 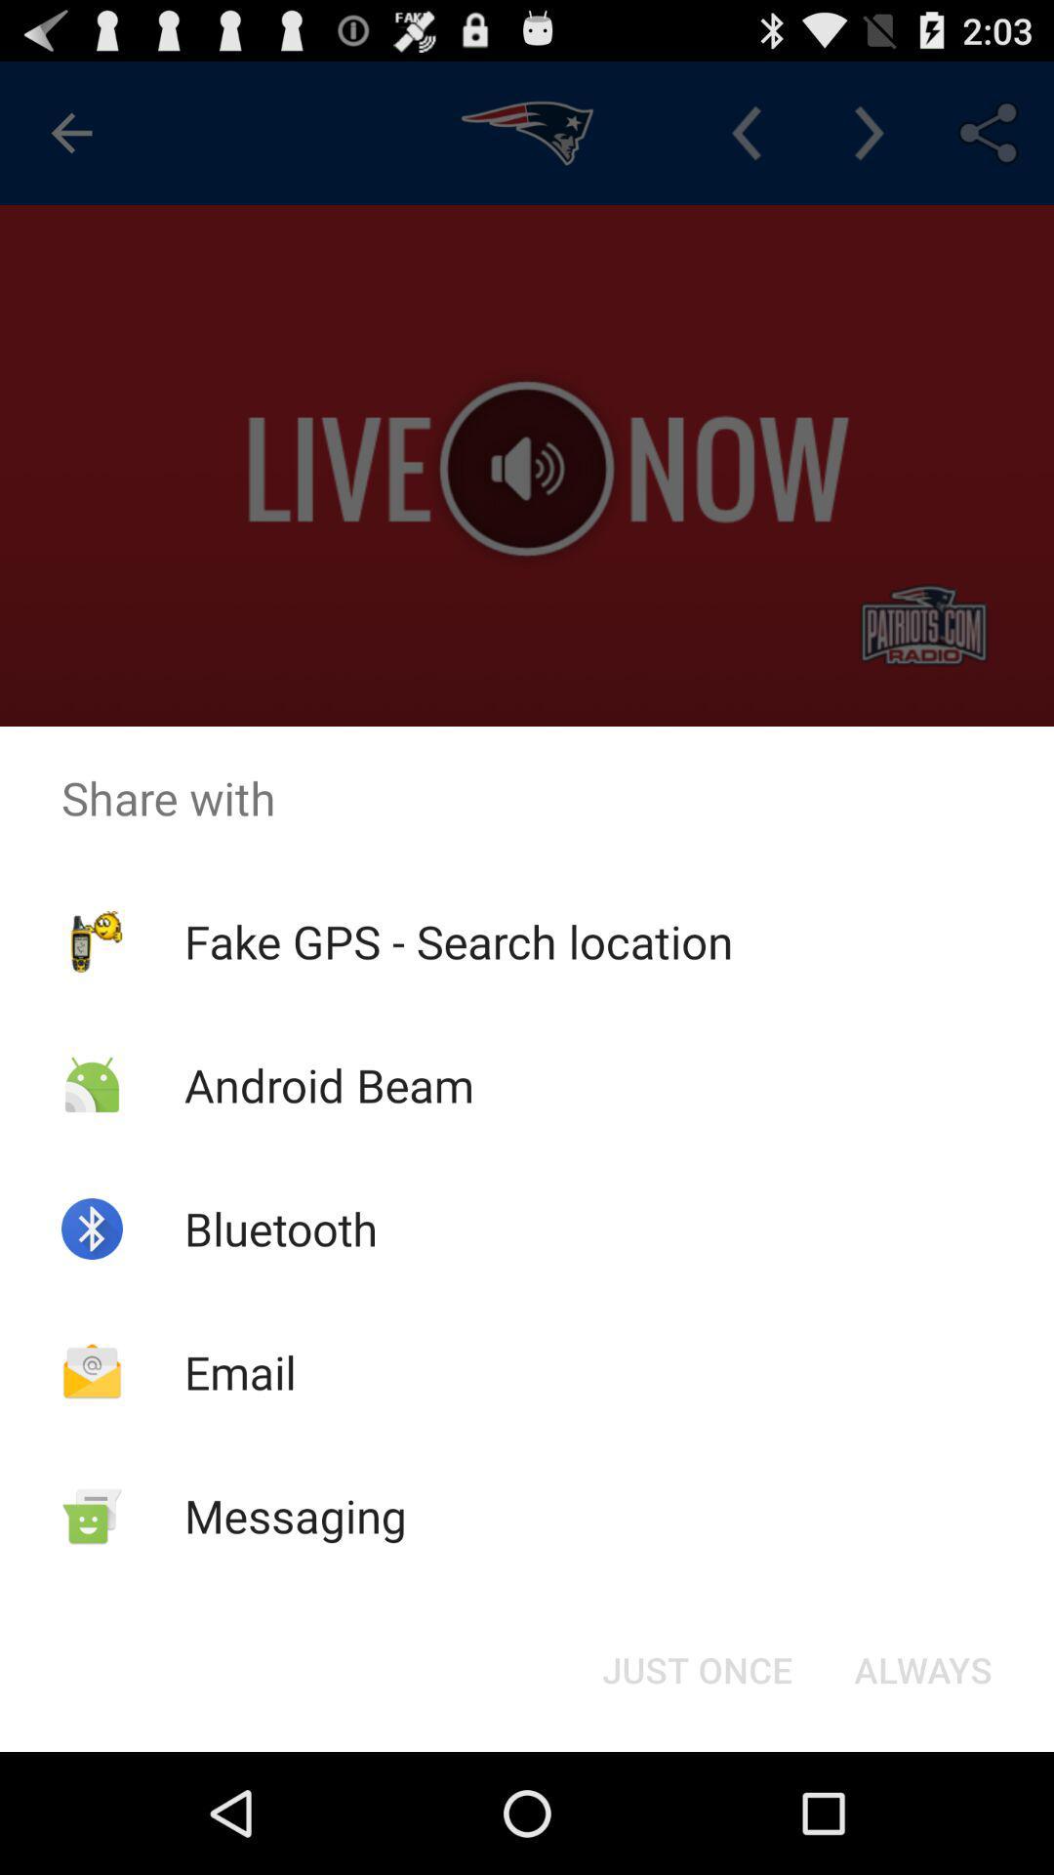 What do you see at coordinates (922, 1668) in the screenshot?
I see `item to the right of the just once item` at bounding box center [922, 1668].